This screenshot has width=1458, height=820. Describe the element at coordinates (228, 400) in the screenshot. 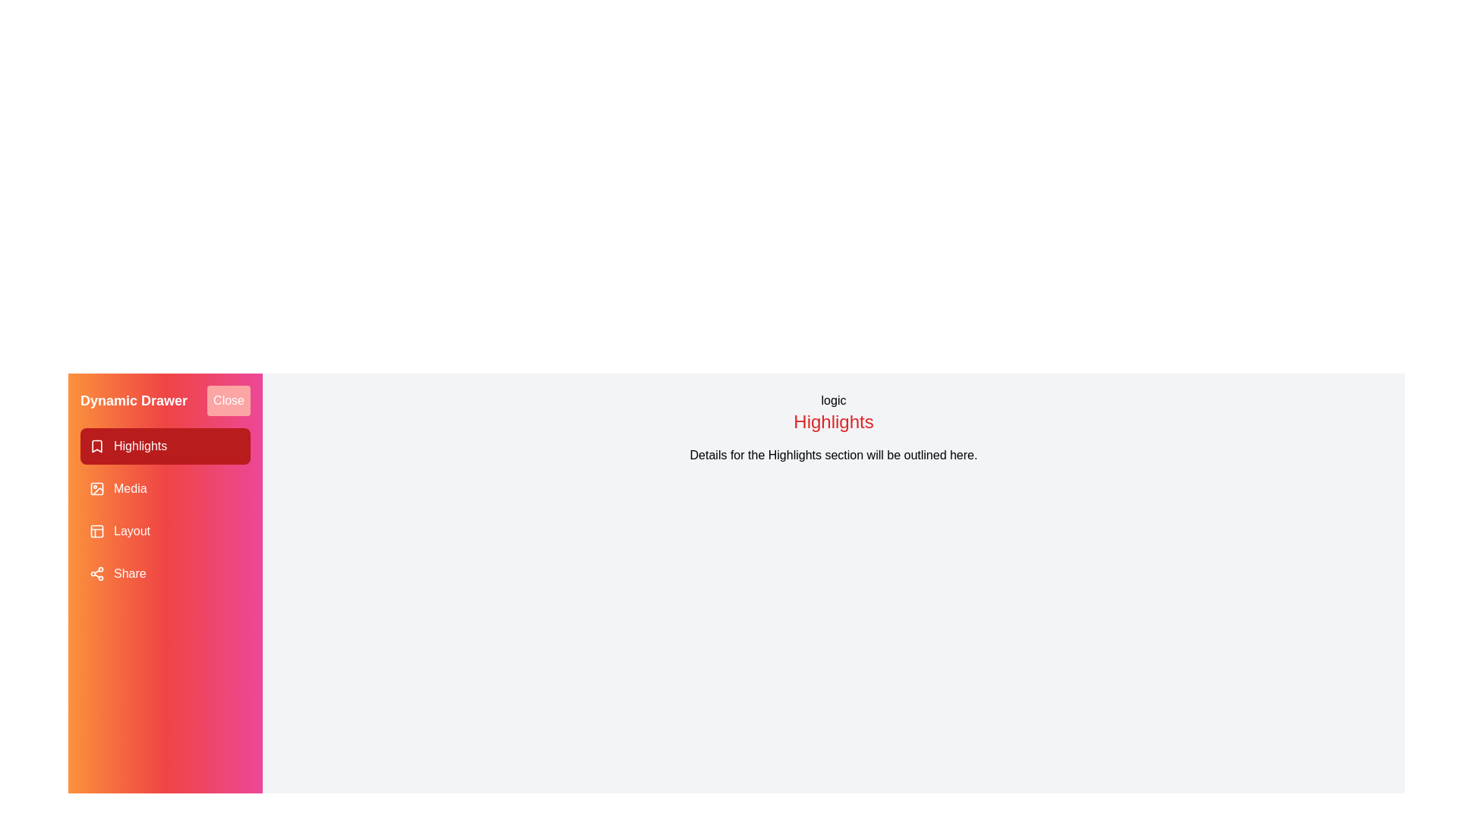

I see `'Close' button to close the drawer` at that location.